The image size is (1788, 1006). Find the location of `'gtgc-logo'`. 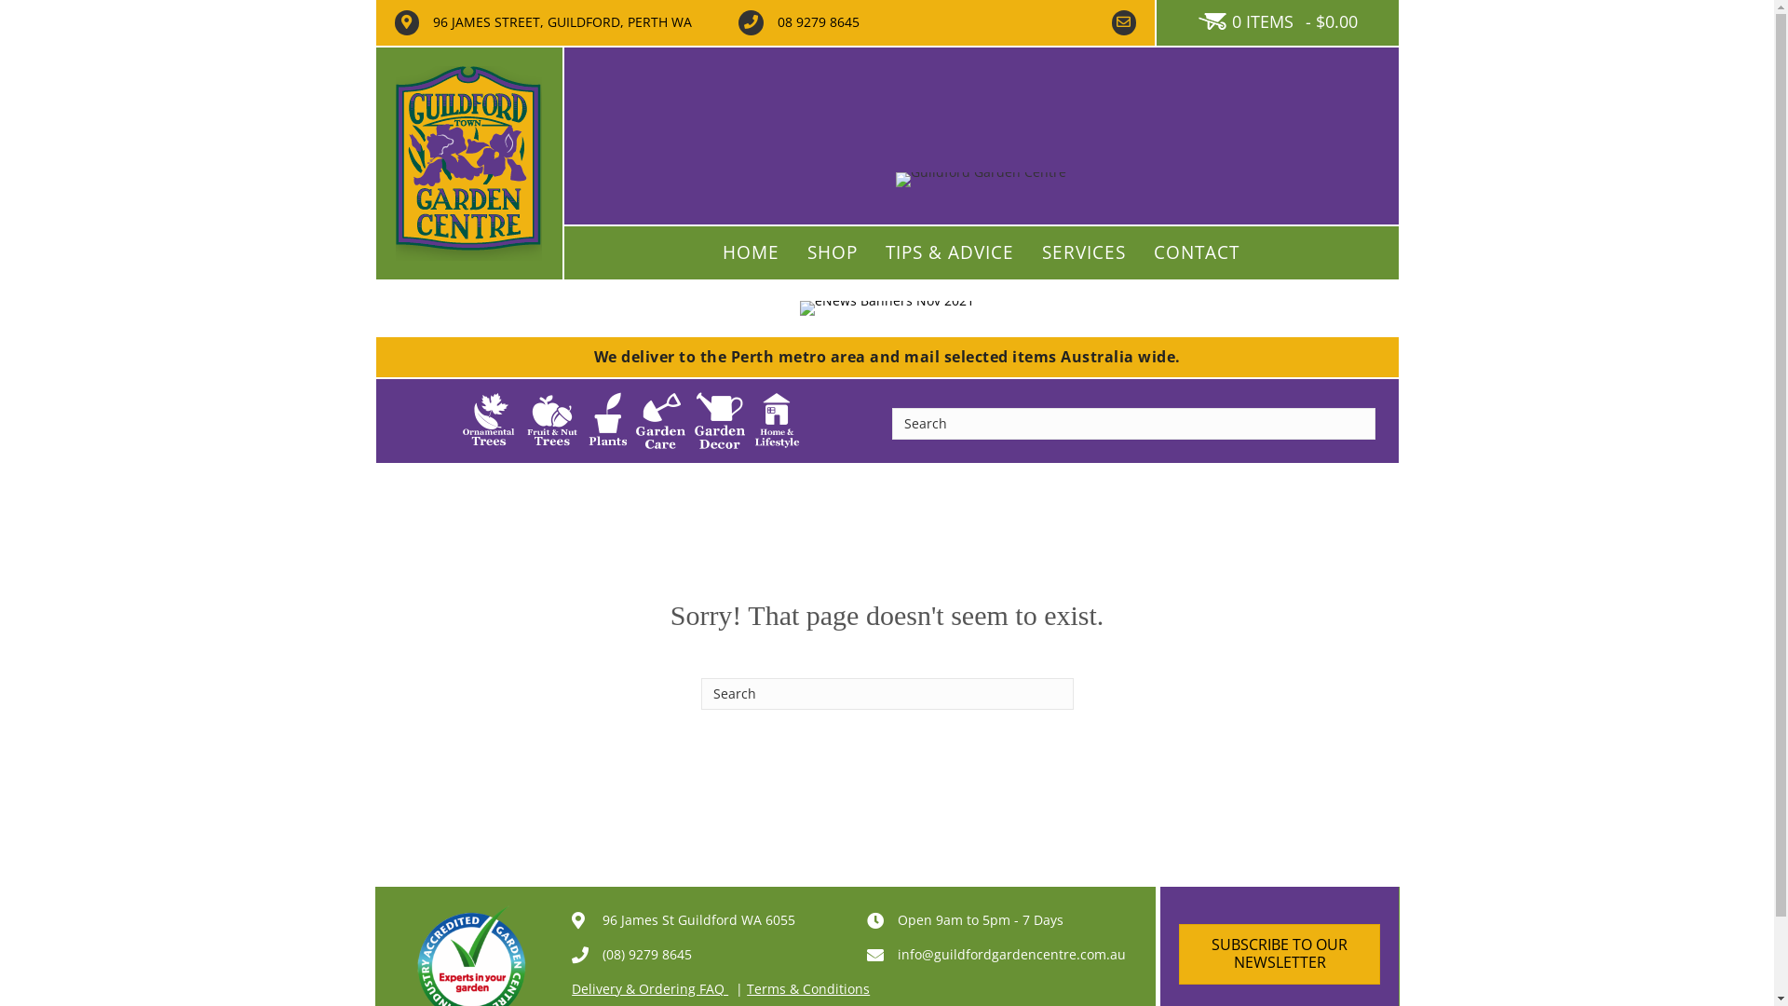

'gtgc-logo' is located at coordinates (468, 162).